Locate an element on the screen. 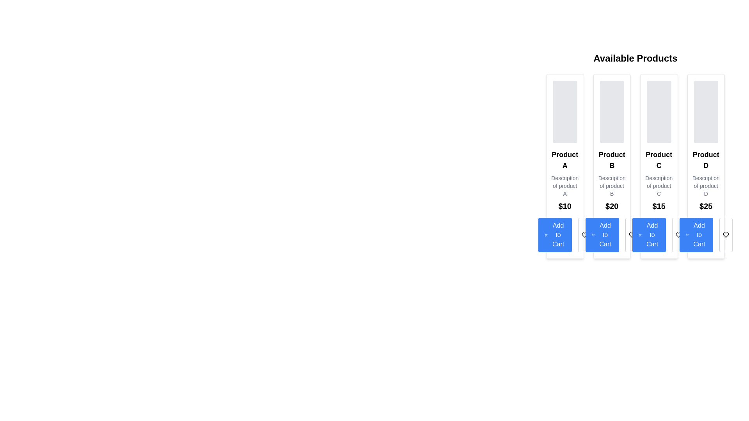 Image resolution: width=749 pixels, height=421 pixels. the heart icon located within the 'Product D' card is located at coordinates (725, 234).